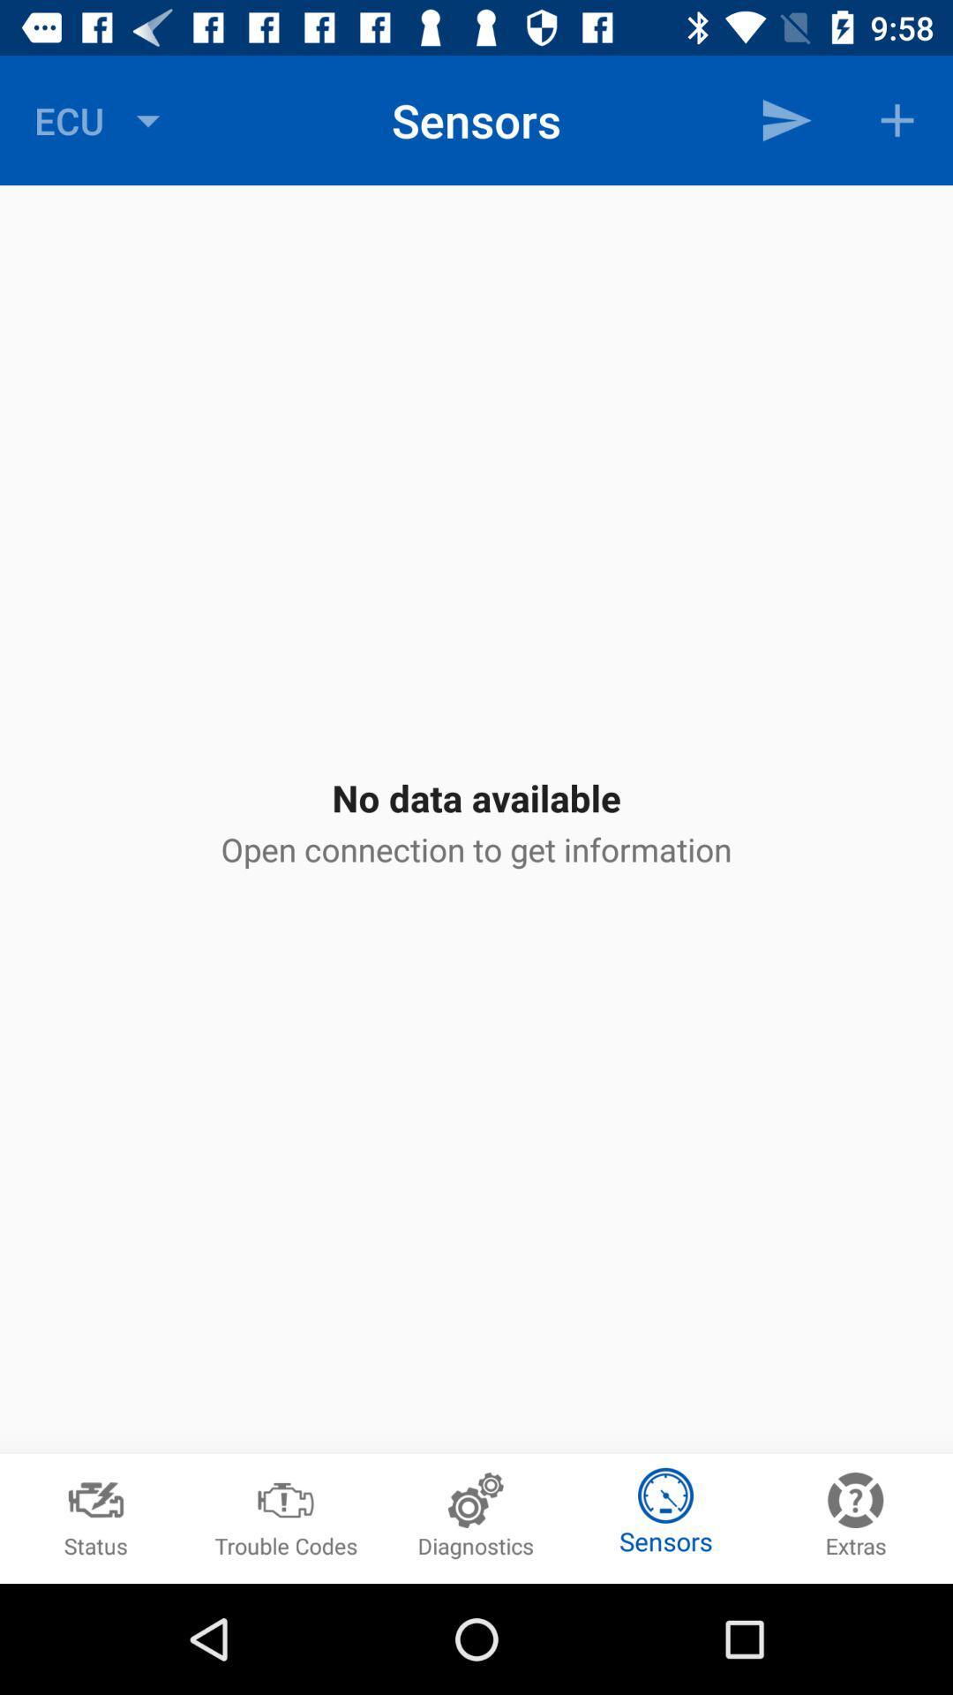  Describe the element at coordinates (785, 119) in the screenshot. I see `the item above the open connection to icon` at that location.